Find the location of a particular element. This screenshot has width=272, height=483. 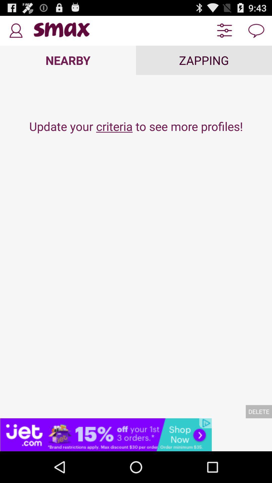

the sliders icon is located at coordinates (224, 32).